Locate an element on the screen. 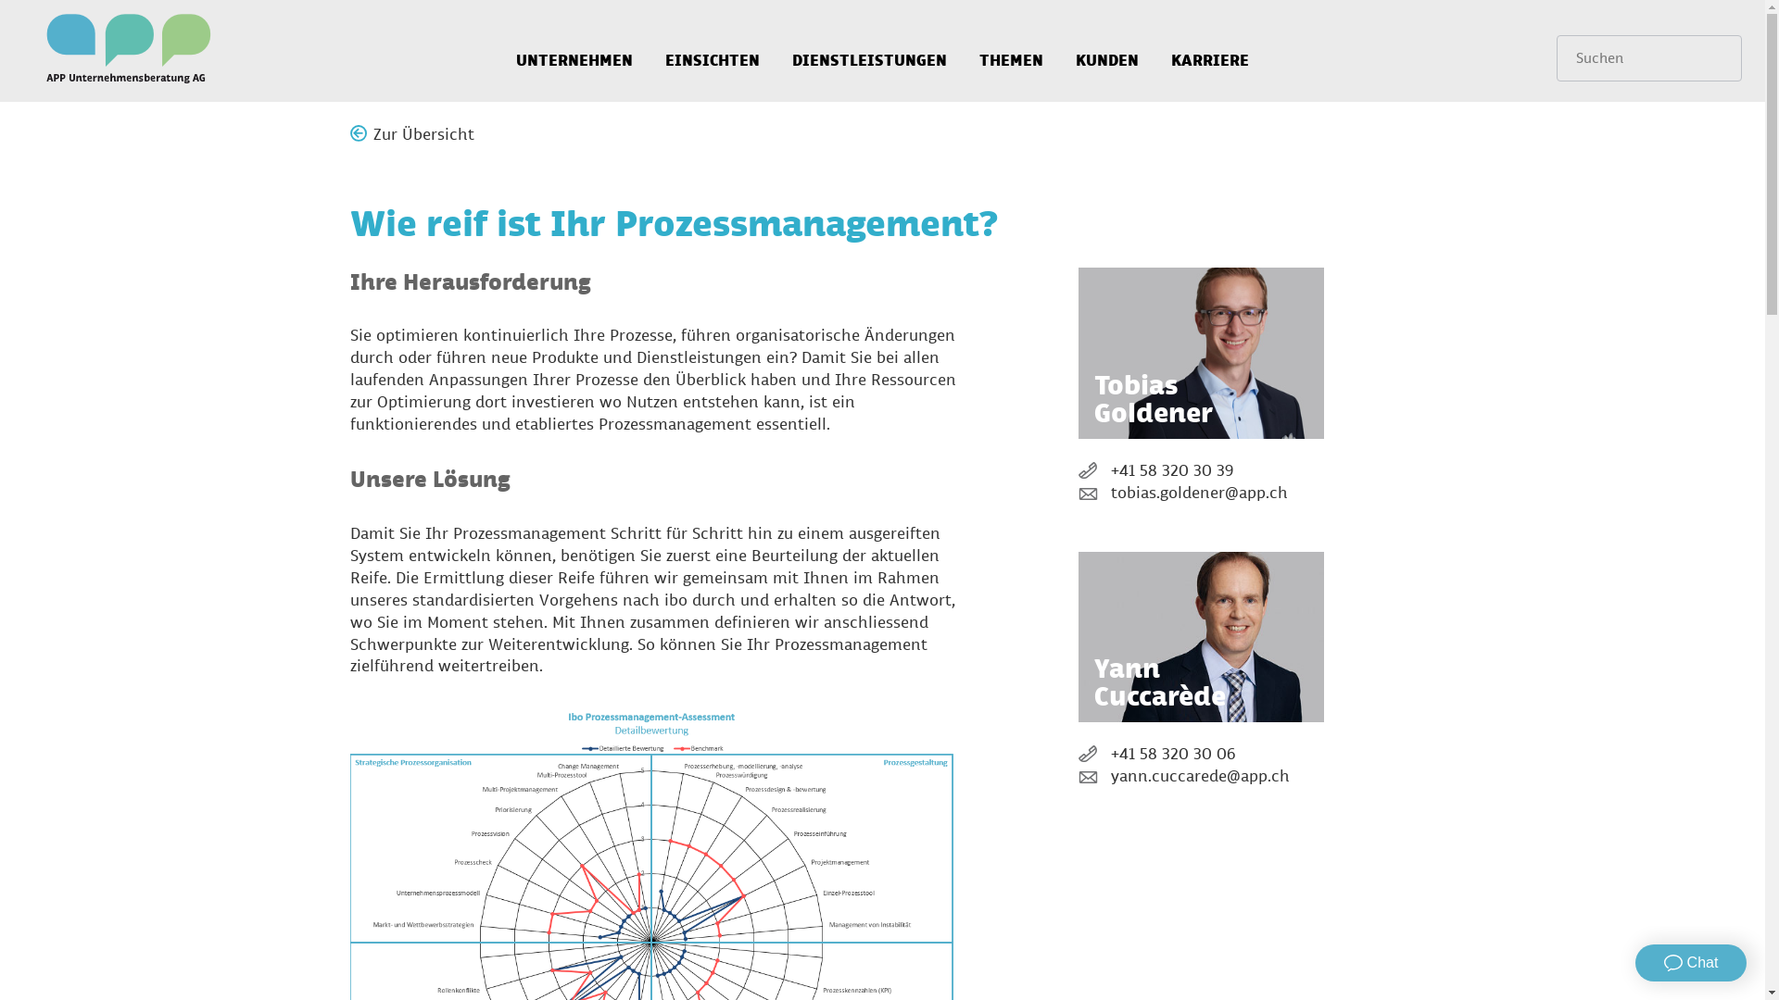 This screenshot has height=1000, width=1779. '+41 58 320 30 39' is located at coordinates (1201, 470).